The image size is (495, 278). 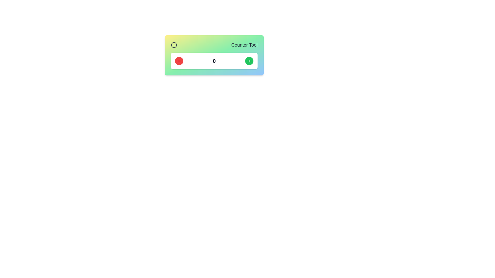 I want to click on the circular green button with a white plus icon, so click(x=249, y=60).